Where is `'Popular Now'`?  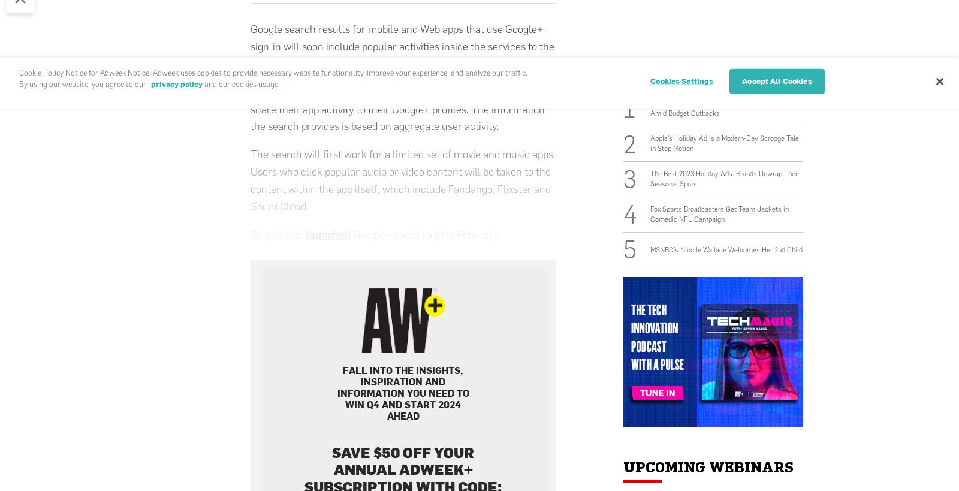 'Popular Now' is located at coordinates (680, 68).